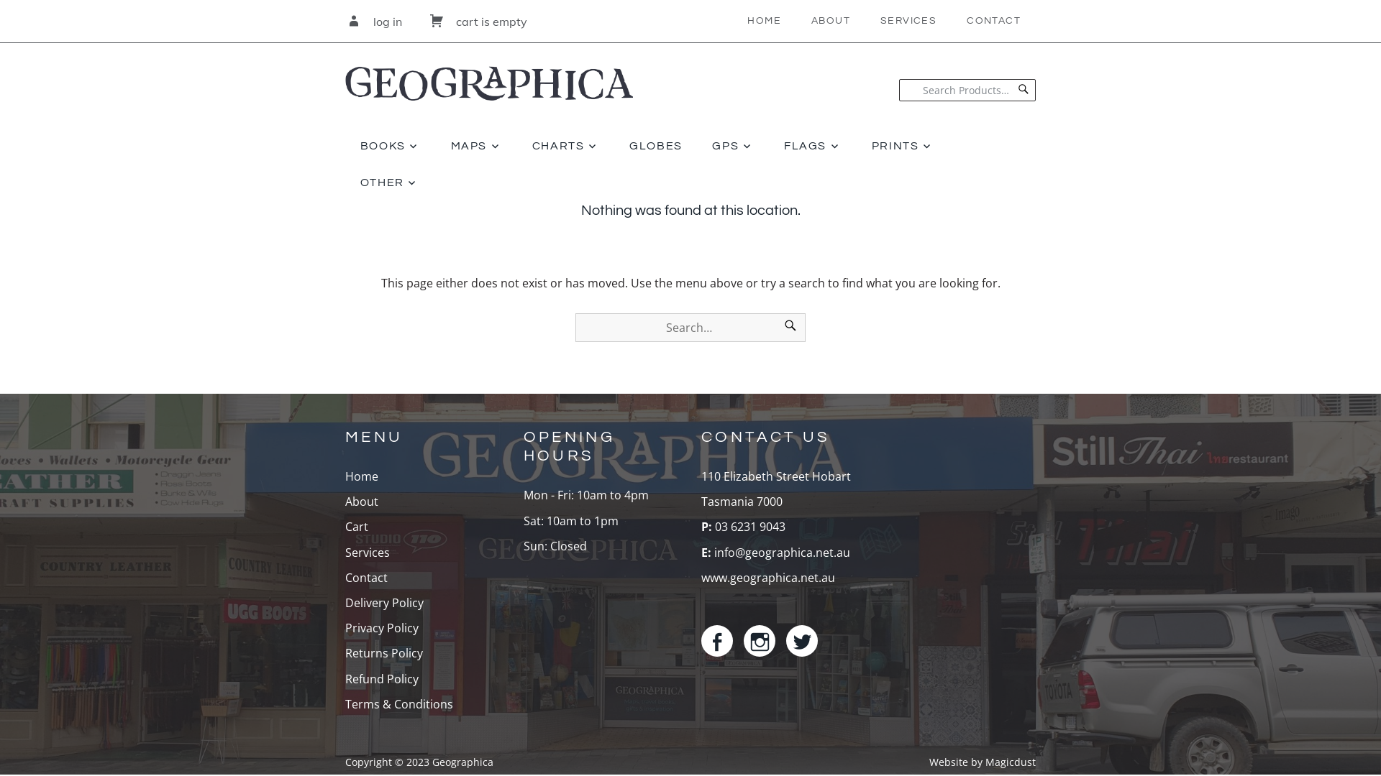 This screenshot has height=776, width=1381. What do you see at coordinates (345, 22) in the screenshot?
I see `'log in'` at bounding box center [345, 22].